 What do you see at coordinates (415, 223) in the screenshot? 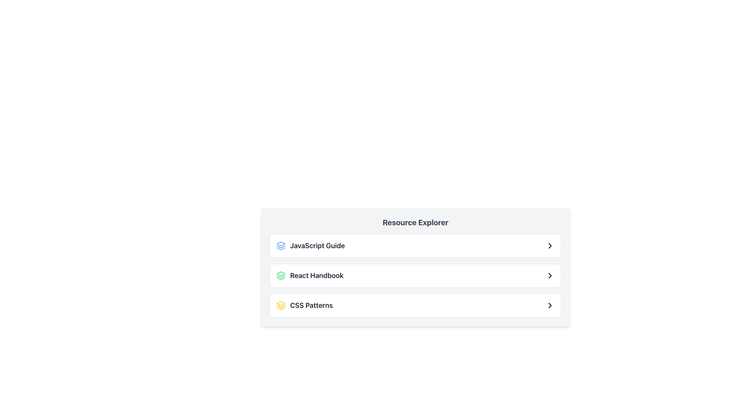
I see `the header text element which serves as the title for the section, providing context for the surrounding content` at bounding box center [415, 223].